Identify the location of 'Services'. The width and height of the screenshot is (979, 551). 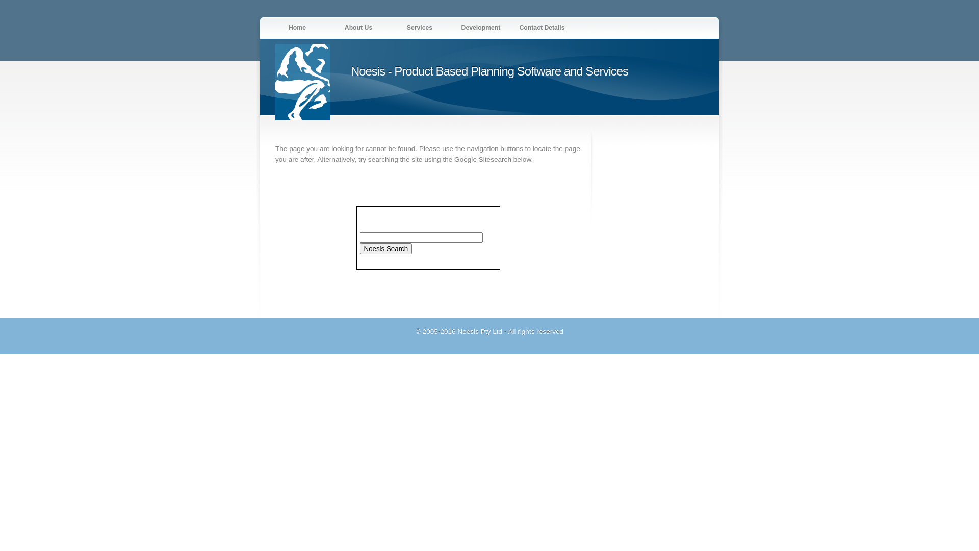
(419, 27).